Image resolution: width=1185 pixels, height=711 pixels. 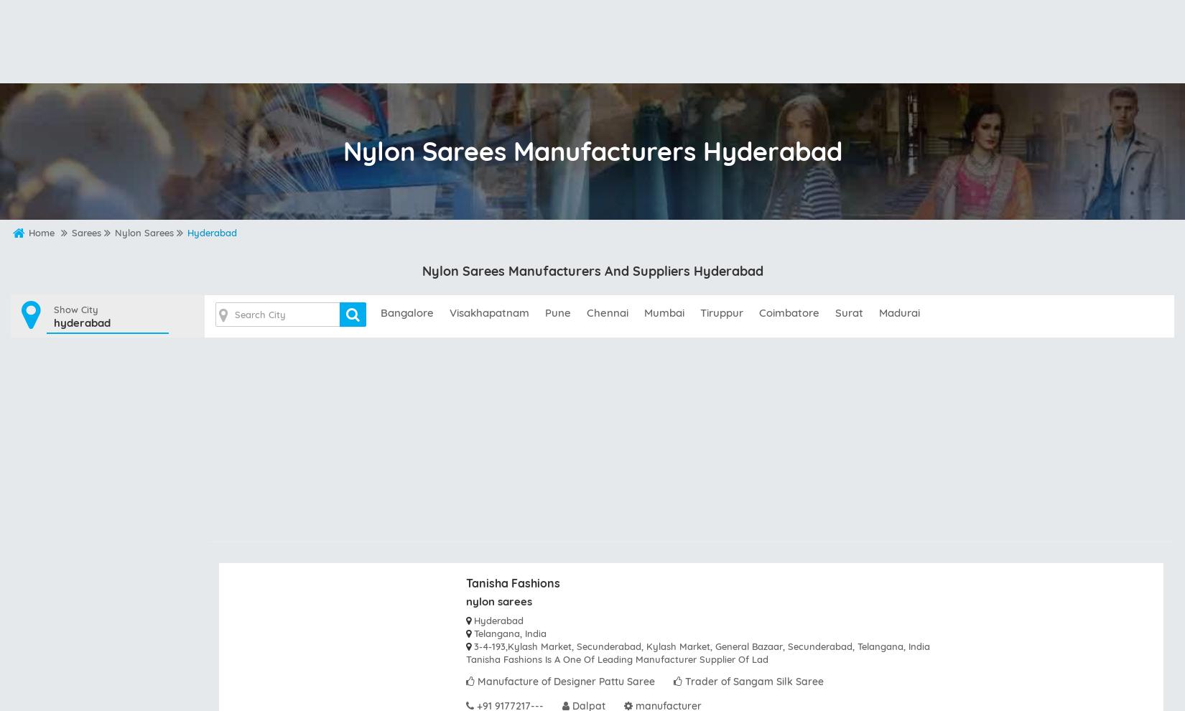 What do you see at coordinates (483, 65) in the screenshot?
I see `'Wholesale Market'` at bounding box center [483, 65].